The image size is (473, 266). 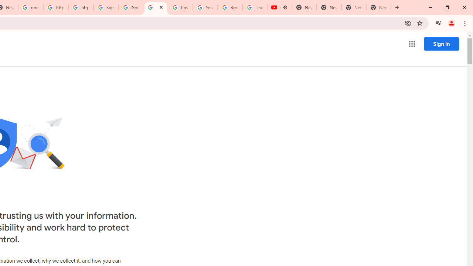 What do you see at coordinates (378, 7) in the screenshot?
I see `'New Tab'` at bounding box center [378, 7].